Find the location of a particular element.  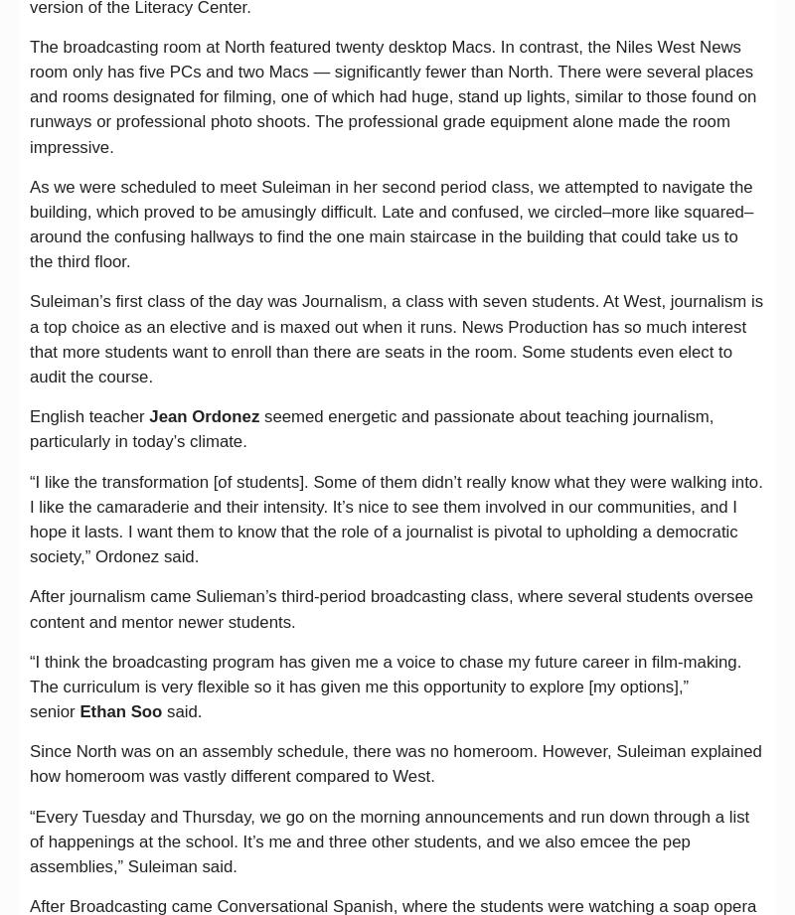

'“Every Tuesday and Thursday, we go on the morning announcements and run down through a list of happenings at the school. It’s me and three other students, and we also emcee the pep assemblies,” Suleiman said.' is located at coordinates (389, 840).